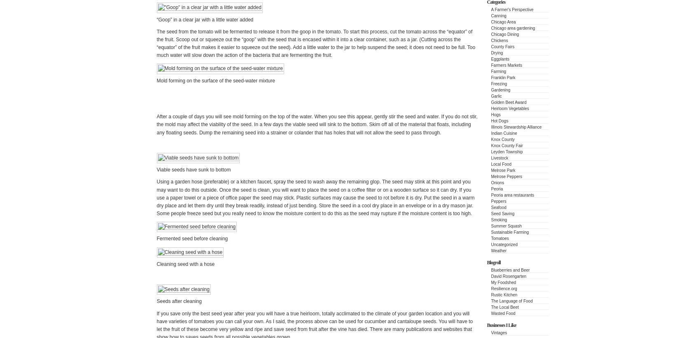 The height and width of the screenshot is (338, 698). Describe the element at coordinates (502, 46) in the screenshot. I see `'County Fairs'` at that location.